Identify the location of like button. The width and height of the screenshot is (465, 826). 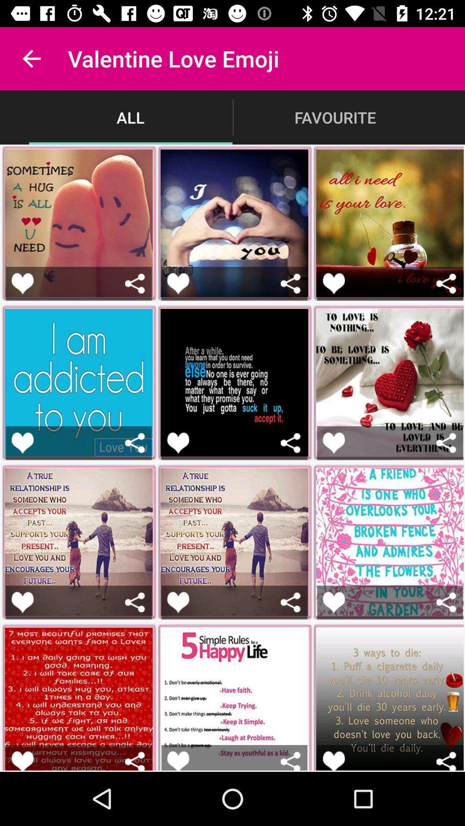
(333, 284).